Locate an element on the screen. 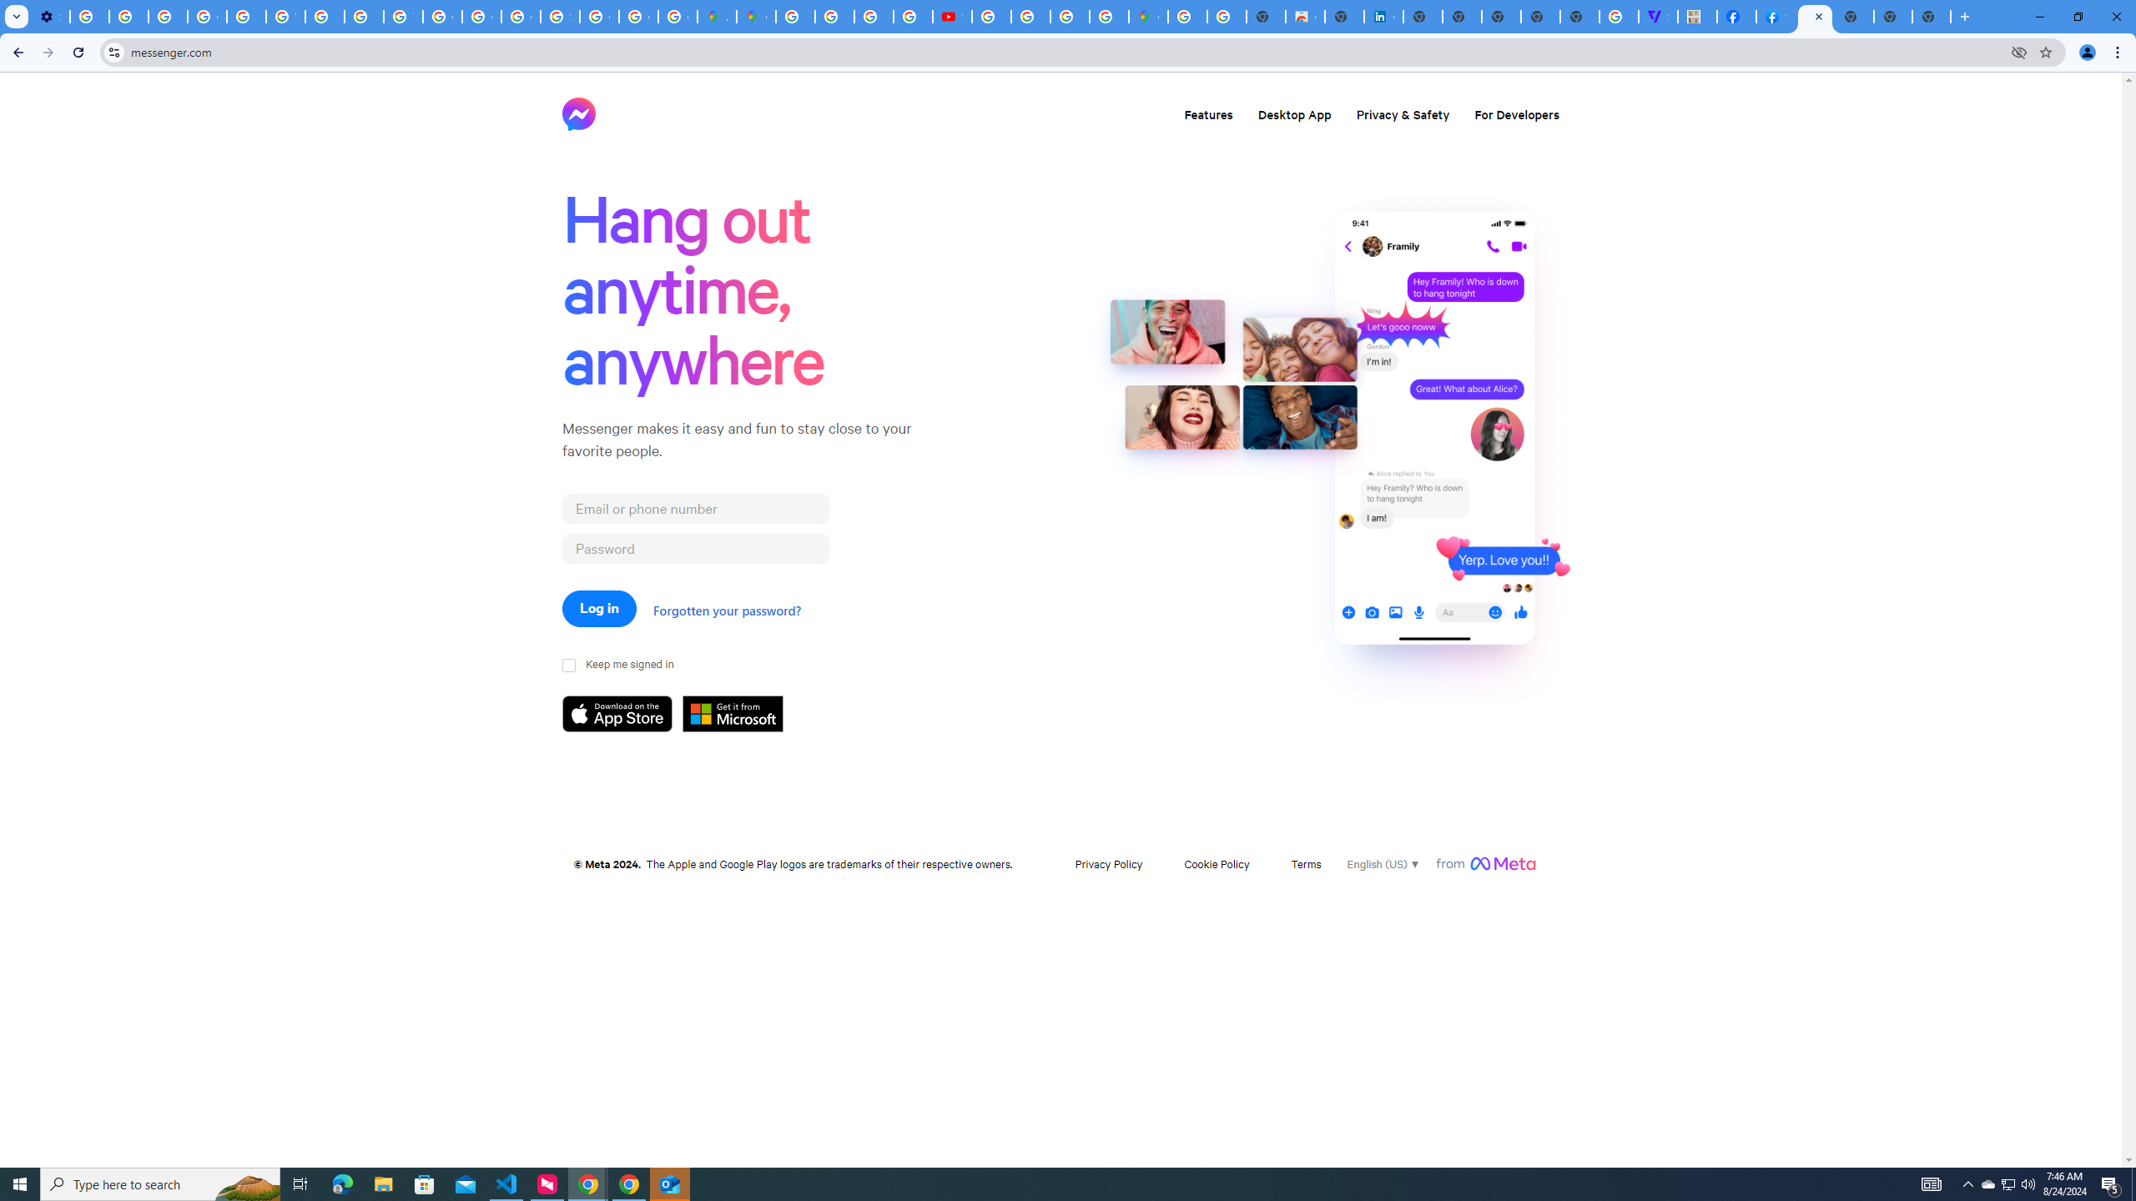 This screenshot has height=1201, width=2136. 'Forgotten your password?' is located at coordinates (725, 610).